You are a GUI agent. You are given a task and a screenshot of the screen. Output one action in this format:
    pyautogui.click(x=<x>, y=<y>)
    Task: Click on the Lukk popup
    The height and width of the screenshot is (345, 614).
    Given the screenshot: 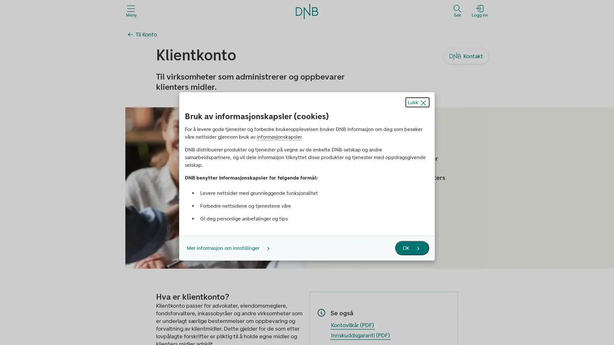 What is the action you would take?
    pyautogui.click(x=417, y=102)
    